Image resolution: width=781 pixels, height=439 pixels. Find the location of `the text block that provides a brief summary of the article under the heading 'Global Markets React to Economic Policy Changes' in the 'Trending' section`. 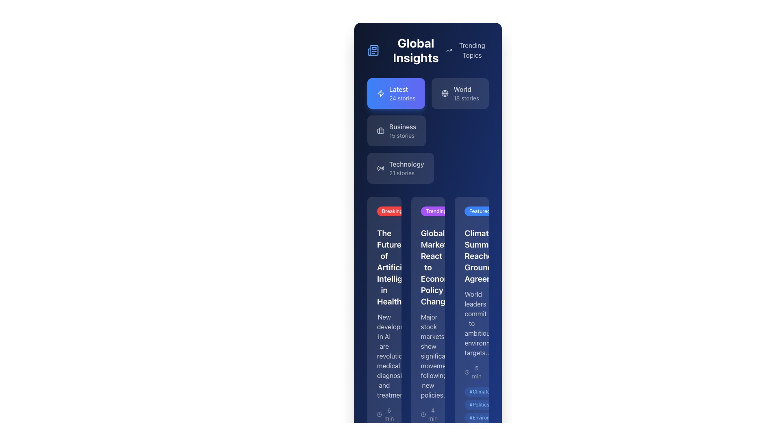

the text block that provides a brief summary of the article under the heading 'Global Markets React to Economic Policy Changes' in the 'Trending' section is located at coordinates (428, 355).